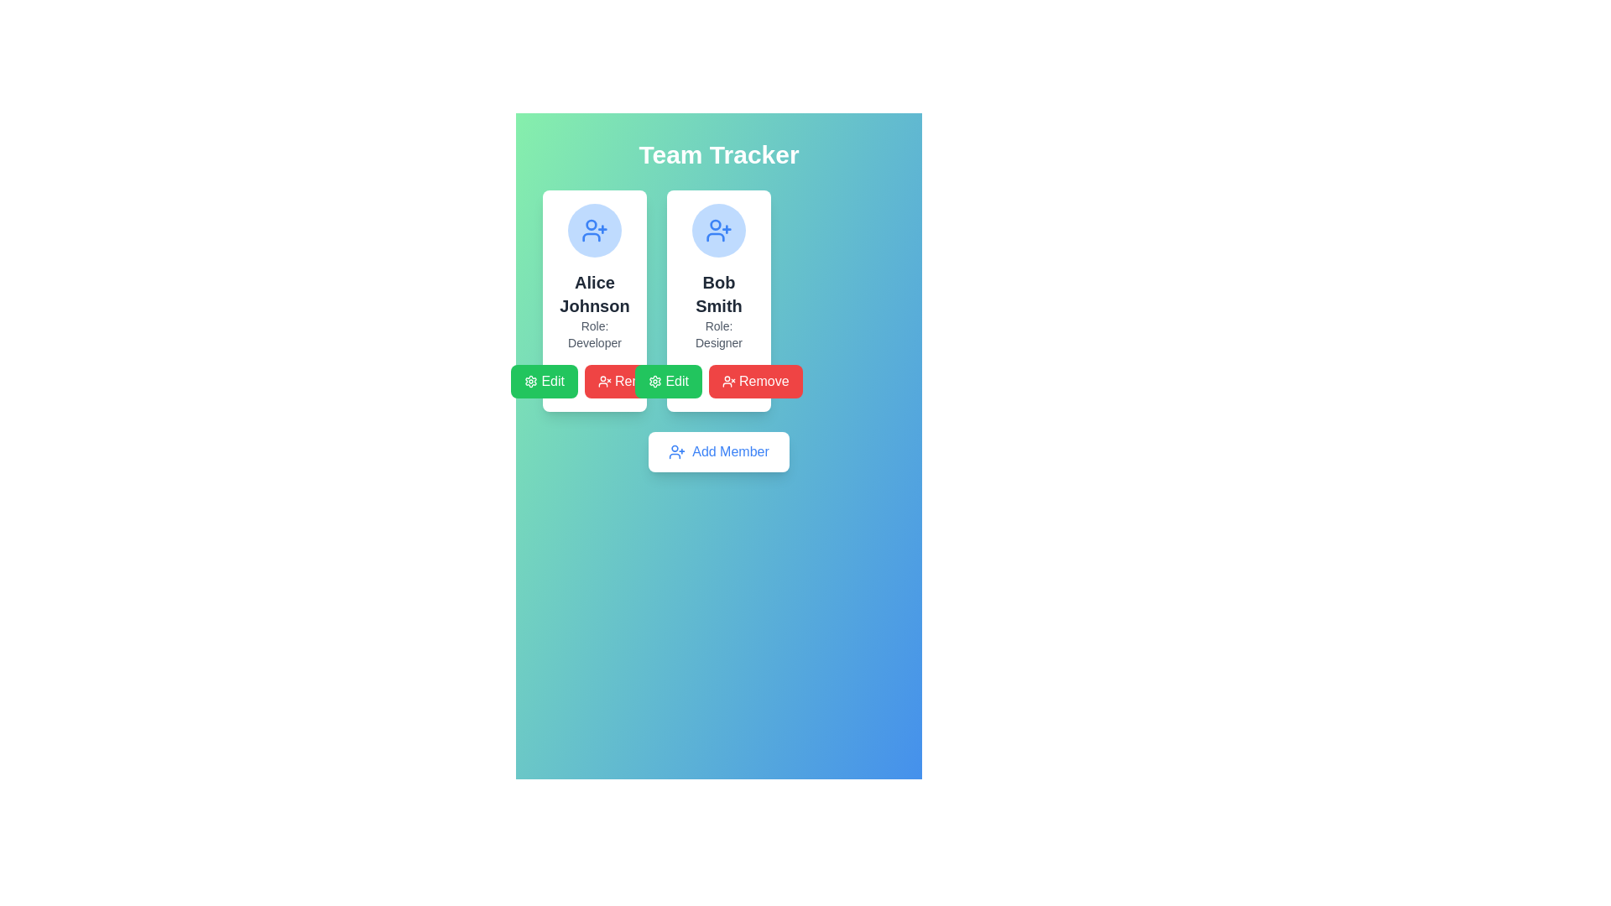  Describe the element at coordinates (716, 223) in the screenshot. I see `the small circular glyph indicating the add user function, located at the top center of the leftmost user profile icon under the 'Team Tracker' heading` at that location.